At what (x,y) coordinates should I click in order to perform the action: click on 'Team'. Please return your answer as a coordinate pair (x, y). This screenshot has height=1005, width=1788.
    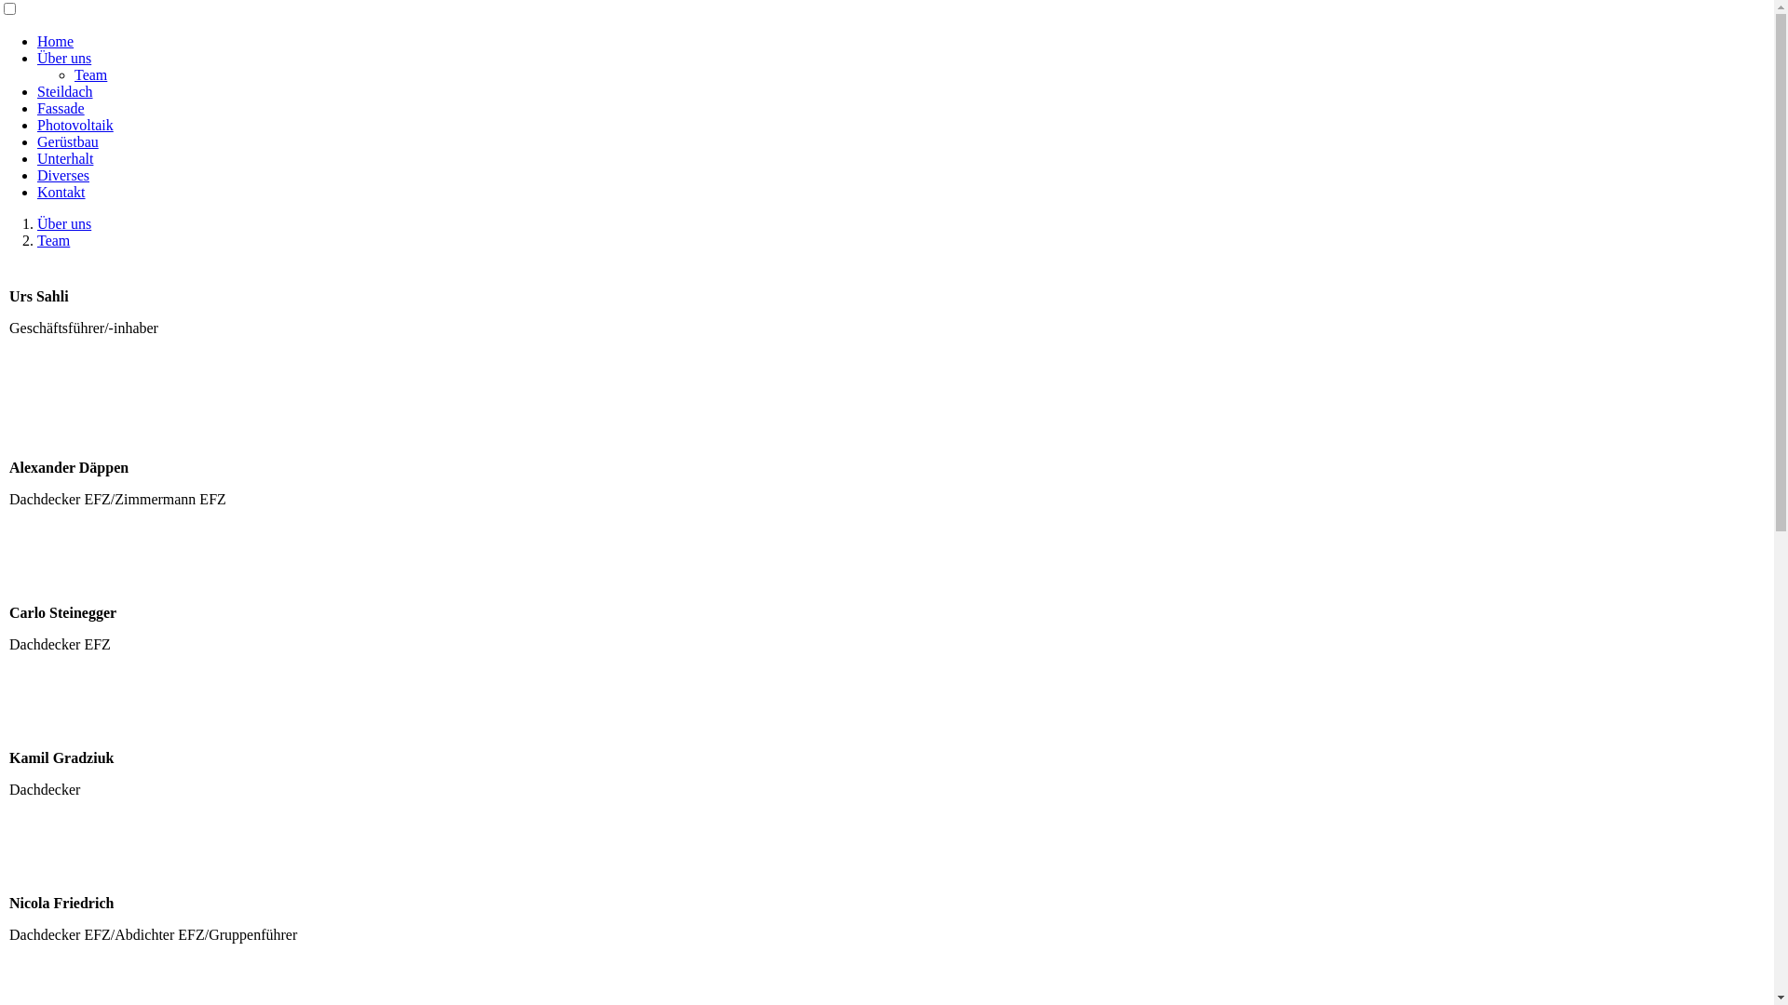
    Looking at the image, I should click on (74, 74).